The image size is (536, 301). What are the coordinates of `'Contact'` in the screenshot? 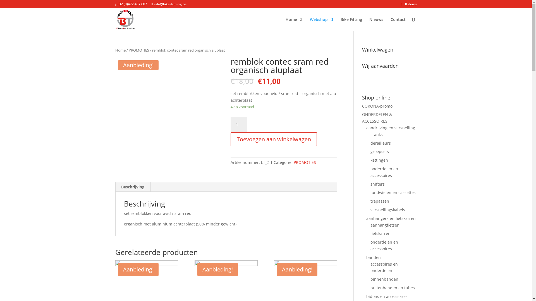 It's located at (390, 24).